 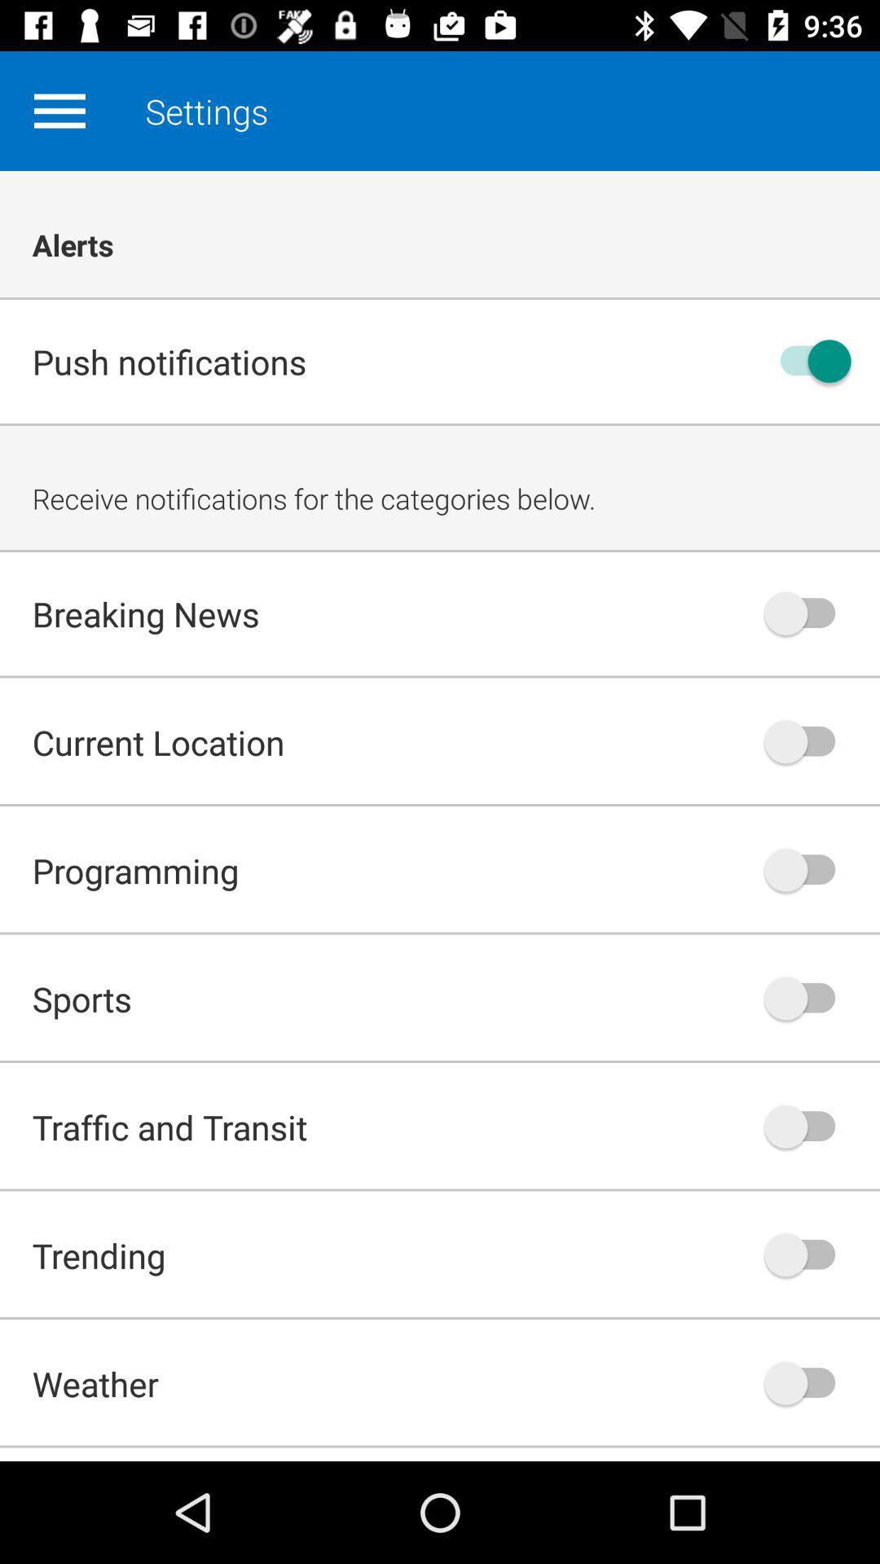 What do you see at coordinates (807, 869) in the screenshot?
I see `switch on programming` at bounding box center [807, 869].